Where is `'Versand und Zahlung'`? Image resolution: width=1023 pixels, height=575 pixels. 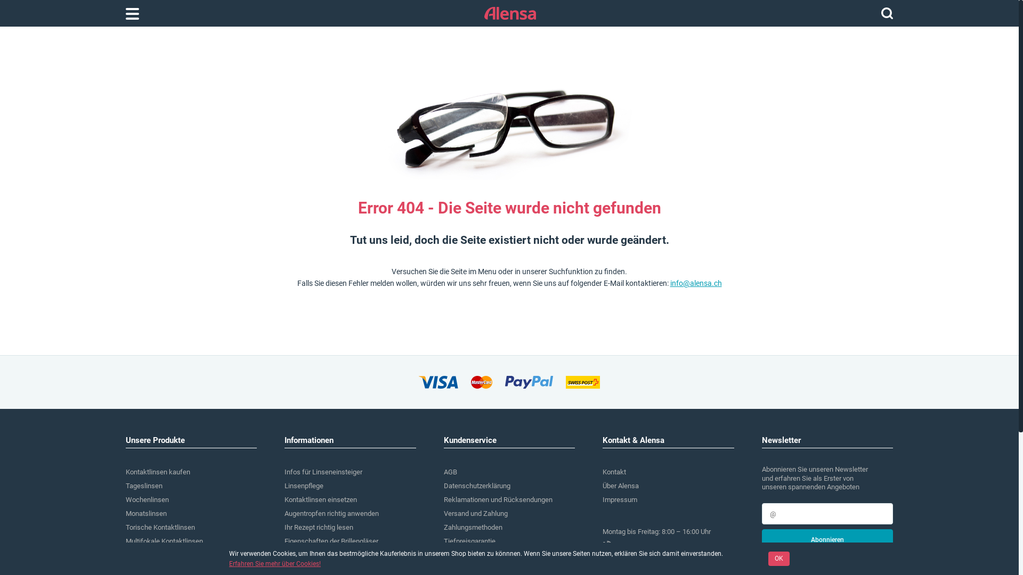 'Versand und Zahlung' is located at coordinates (475, 513).